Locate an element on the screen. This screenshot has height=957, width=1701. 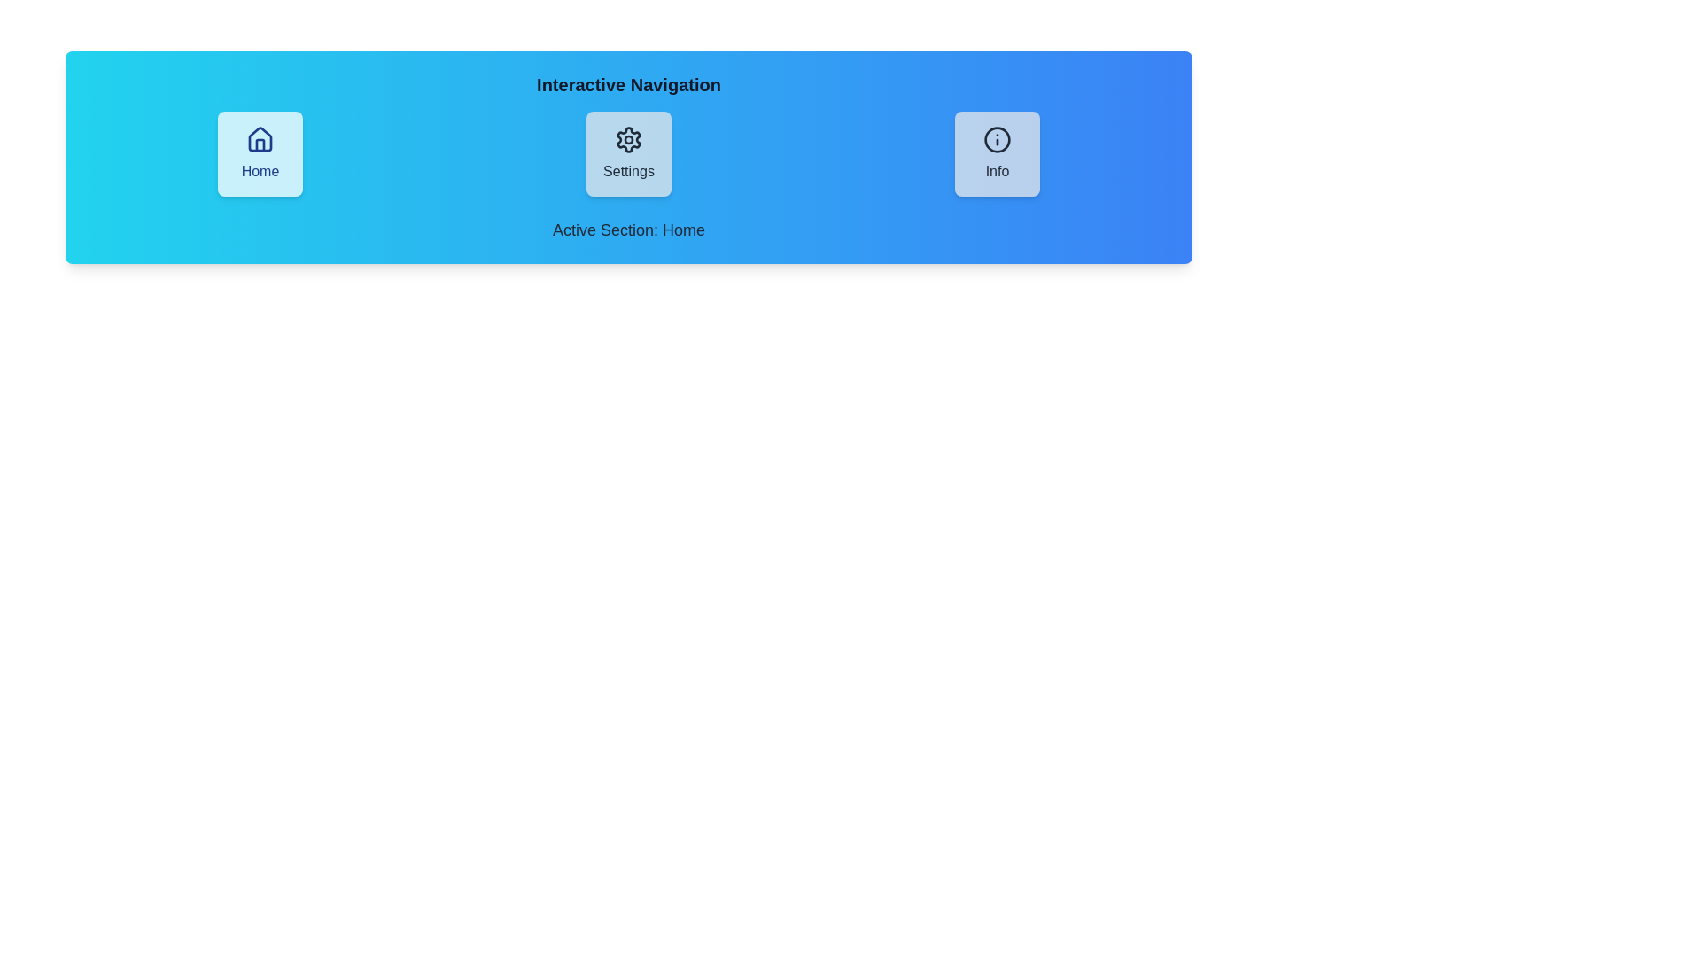
the Home button to navigate to the corresponding view is located at coordinates (259, 152).